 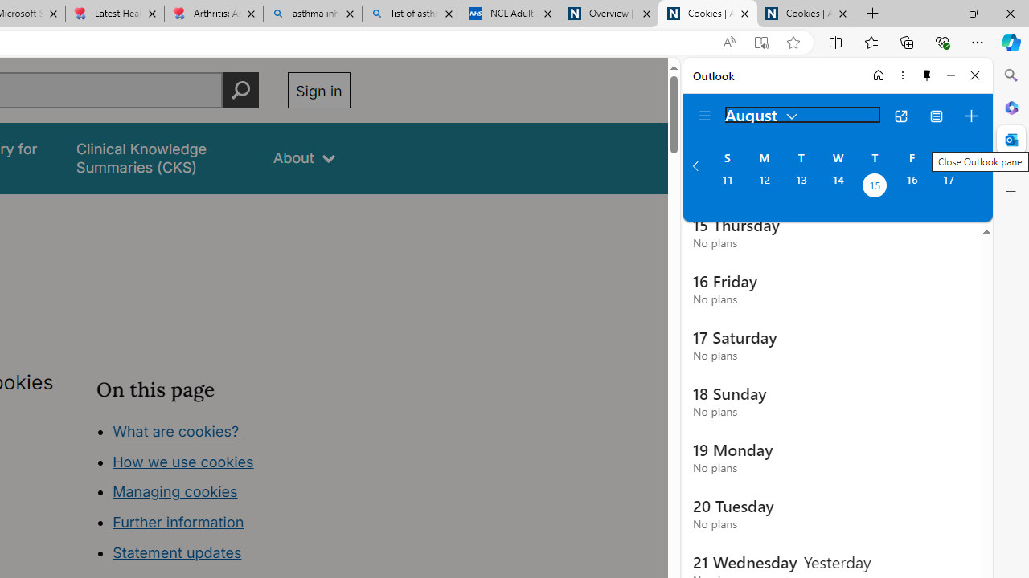 I want to click on 'Enter Immersive Reader (F9)', so click(x=760, y=42).